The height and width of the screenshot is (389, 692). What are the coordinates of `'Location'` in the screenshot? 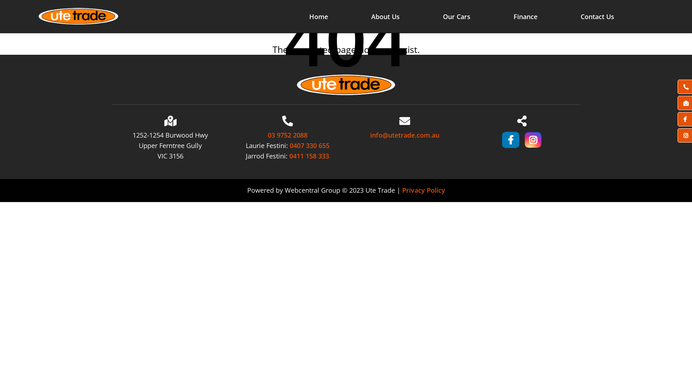 It's located at (170, 120).